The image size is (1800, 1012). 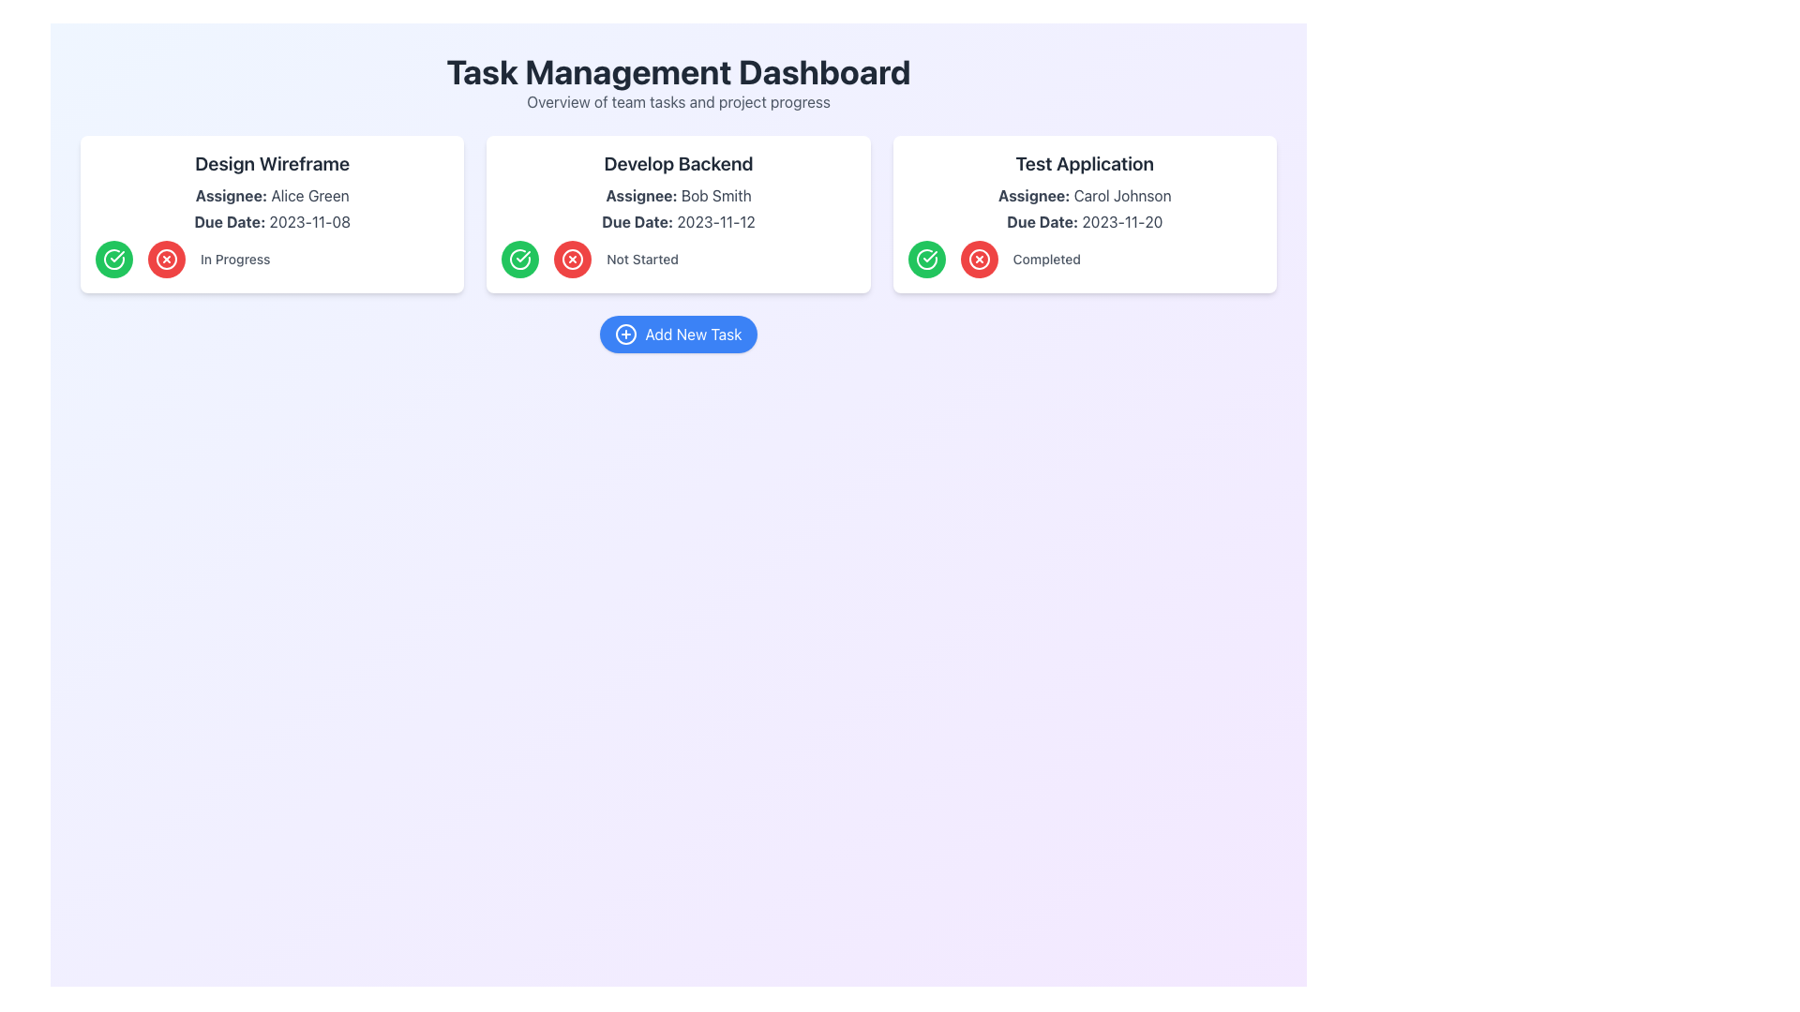 I want to click on the 'Due Date:' static text label in the 'Develop Backend' task card, which is styled with a bold font and located above the due date value, so click(x=637, y=220).